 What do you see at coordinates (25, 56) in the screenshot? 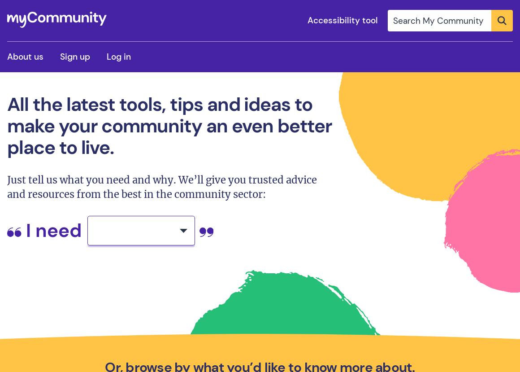
I see `'About us'` at bounding box center [25, 56].